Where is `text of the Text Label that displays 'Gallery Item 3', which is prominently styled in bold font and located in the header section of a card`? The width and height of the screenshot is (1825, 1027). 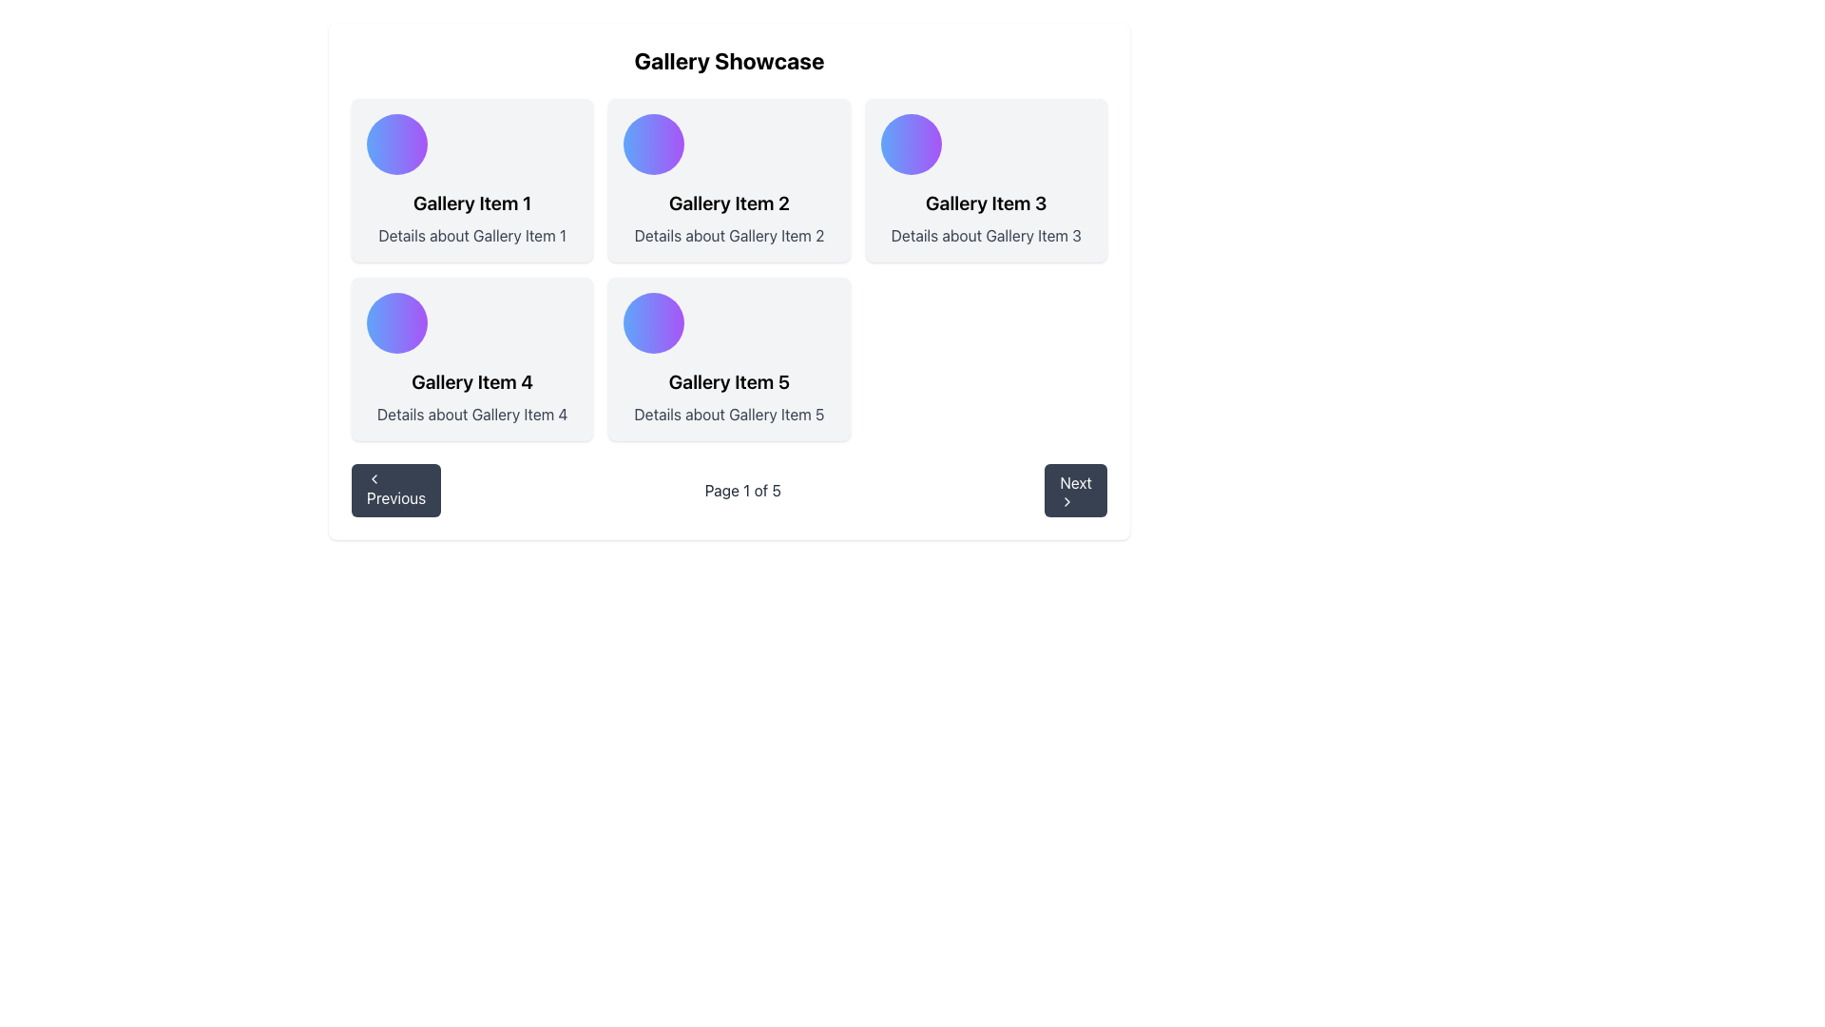 text of the Text Label that displays 'Gallery Item 3', which is prominently styled in bold font and located in the header section of a card is located at coordinates (986, 203).